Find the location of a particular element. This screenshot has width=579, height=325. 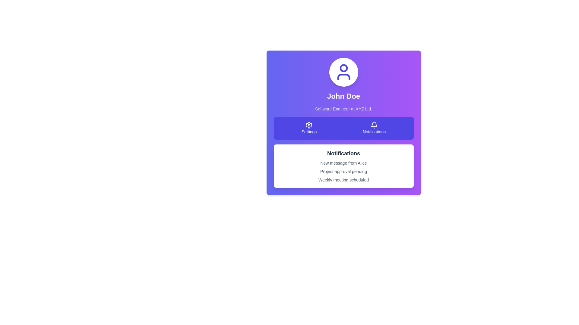

the static text element displaying 'Project approval pending', which is the second notification text in a vertically stacked group of notifications is located at coordinates (343, 172).